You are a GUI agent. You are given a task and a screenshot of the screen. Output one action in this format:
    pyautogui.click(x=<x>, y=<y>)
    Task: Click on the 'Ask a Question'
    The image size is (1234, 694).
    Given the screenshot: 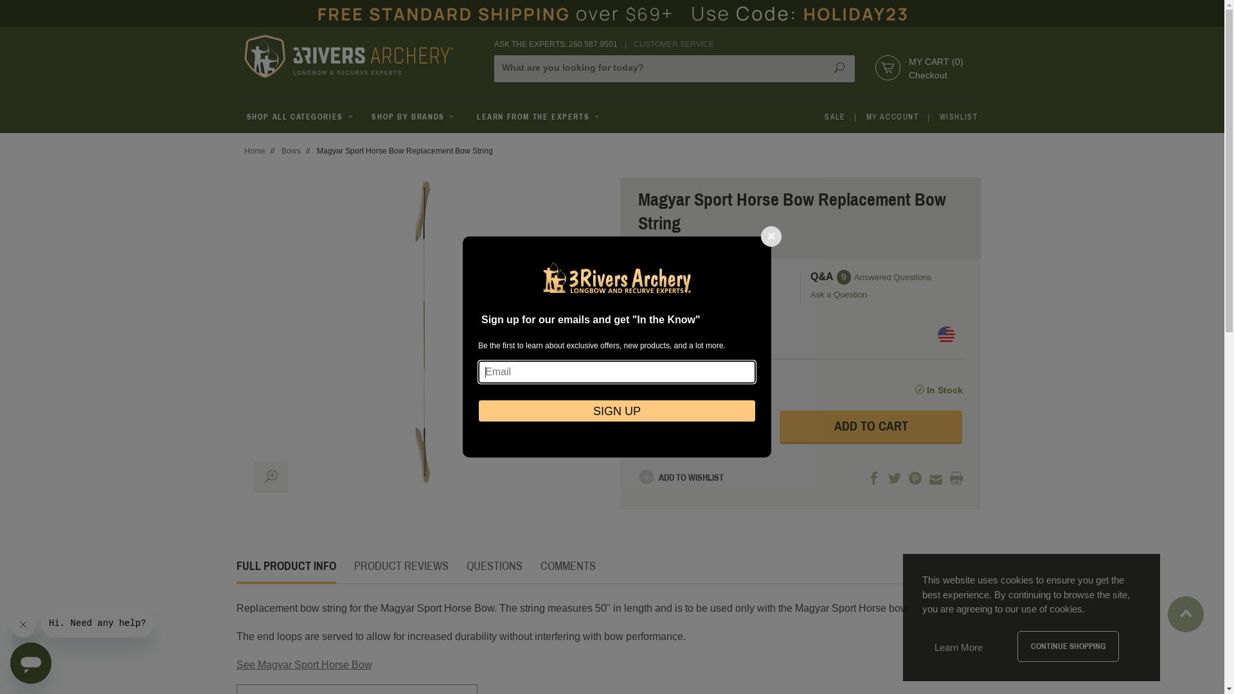 What is the action you would take?
    pyautogui.click(x=884, y=295)
    